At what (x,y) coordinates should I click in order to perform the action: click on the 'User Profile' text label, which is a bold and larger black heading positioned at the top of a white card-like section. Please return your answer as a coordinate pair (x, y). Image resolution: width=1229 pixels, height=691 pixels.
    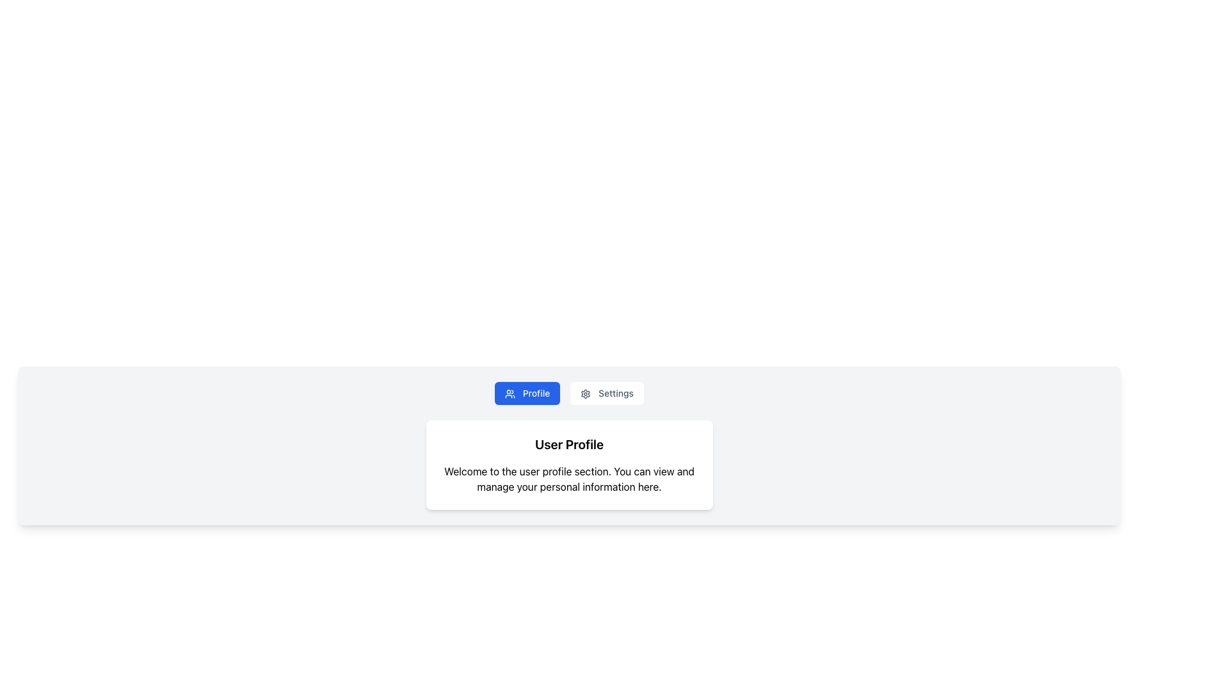
    Looking at the image, I should click on (568, 443).